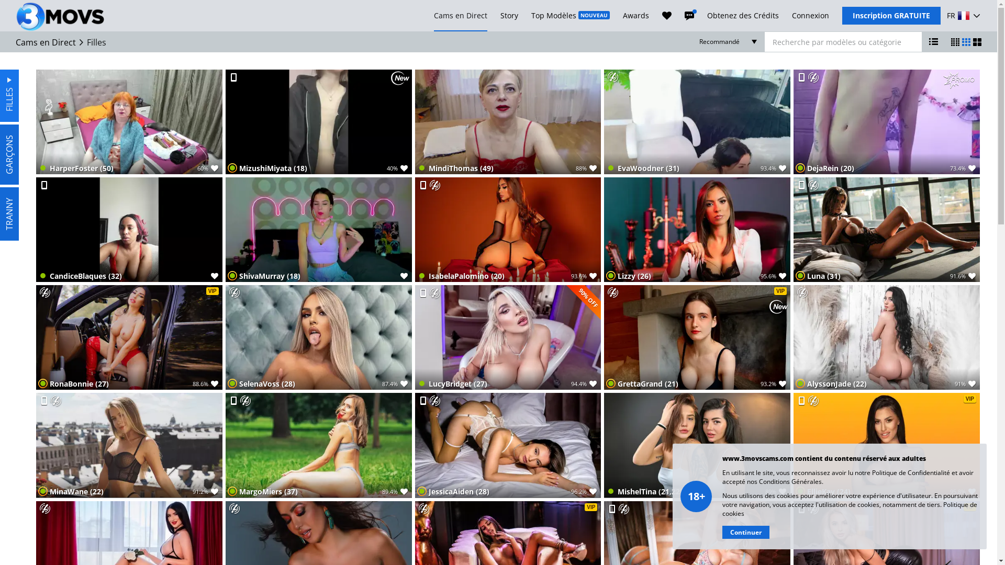 The width and height of the screenshot is (1005, 565). I want to click on 'TRANNY', so click(27, 196).